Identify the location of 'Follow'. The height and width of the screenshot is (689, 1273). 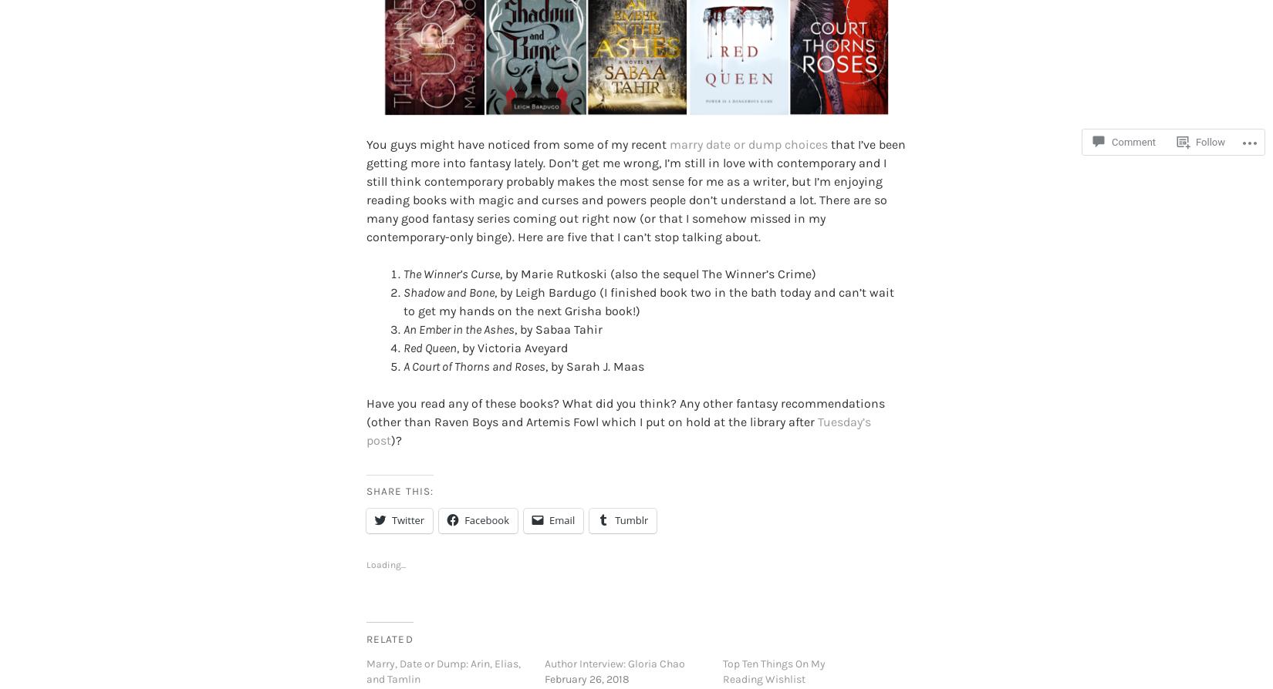
(1209, 142).